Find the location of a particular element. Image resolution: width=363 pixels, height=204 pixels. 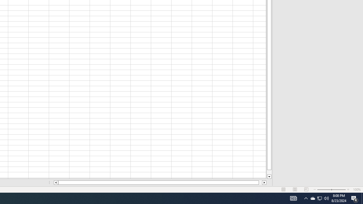

'Zoom In' is located at coordinates (348, 190).